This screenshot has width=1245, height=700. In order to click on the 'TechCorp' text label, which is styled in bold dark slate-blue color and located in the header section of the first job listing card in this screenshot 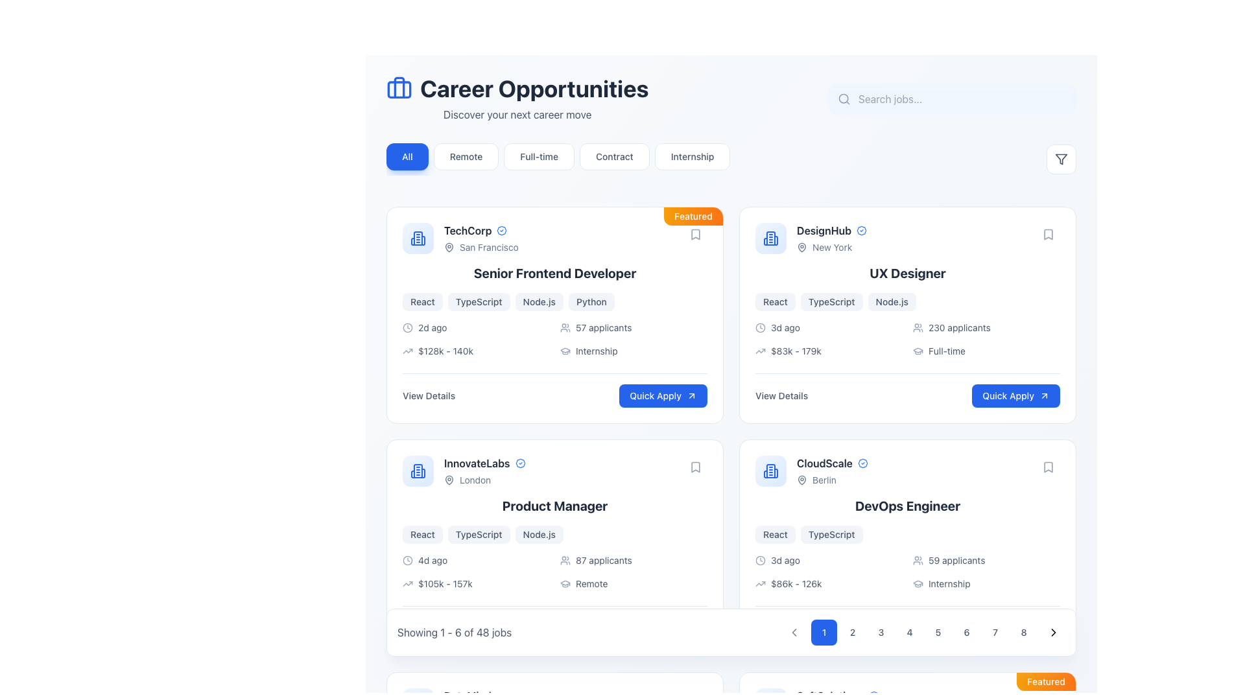, I will do `click(467, 229)`.